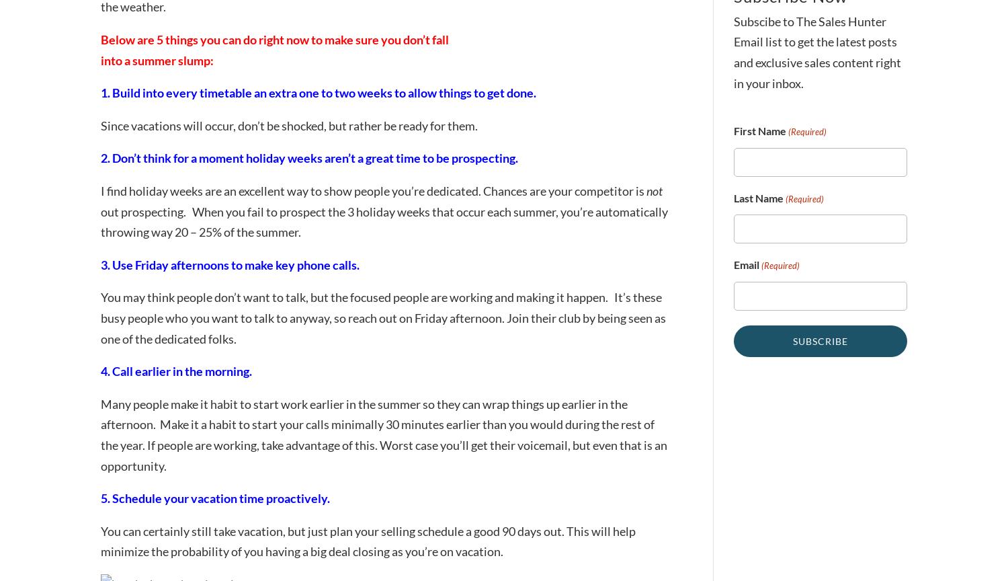  Describe the element at coordinates (214, 498) in the screenshot. I see `'5. Schedule your vacation time proactively.'` at that location.